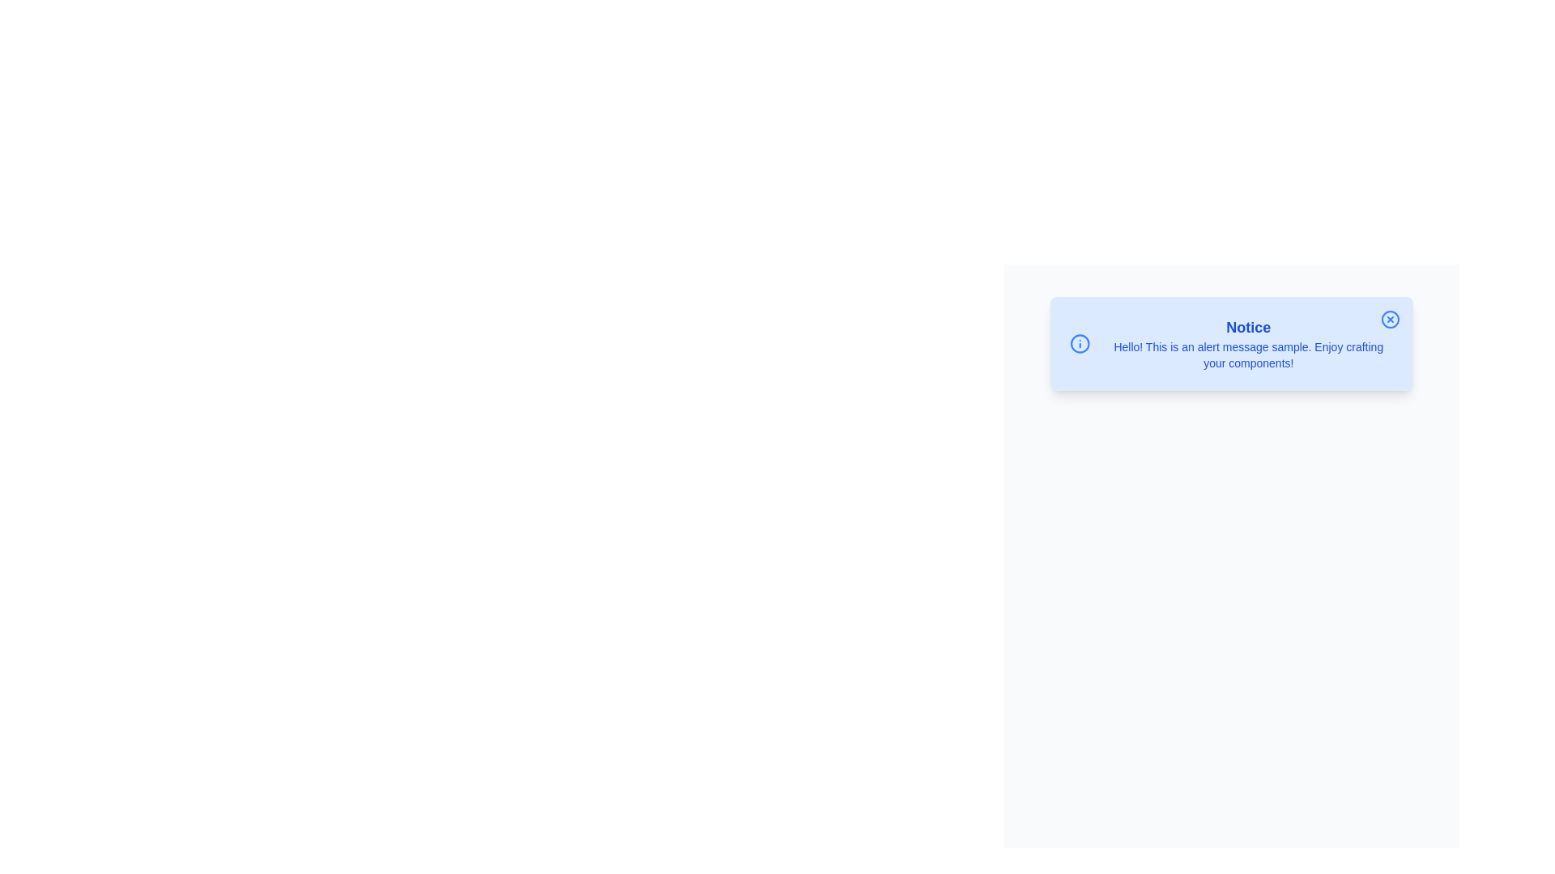 Image resolution: width=1555 pixels, height=874 pixels. I want to click on text 'Notice' displayed in a bold, large blue font located in the upper half of the light blue alert box, so click(1247, 328).